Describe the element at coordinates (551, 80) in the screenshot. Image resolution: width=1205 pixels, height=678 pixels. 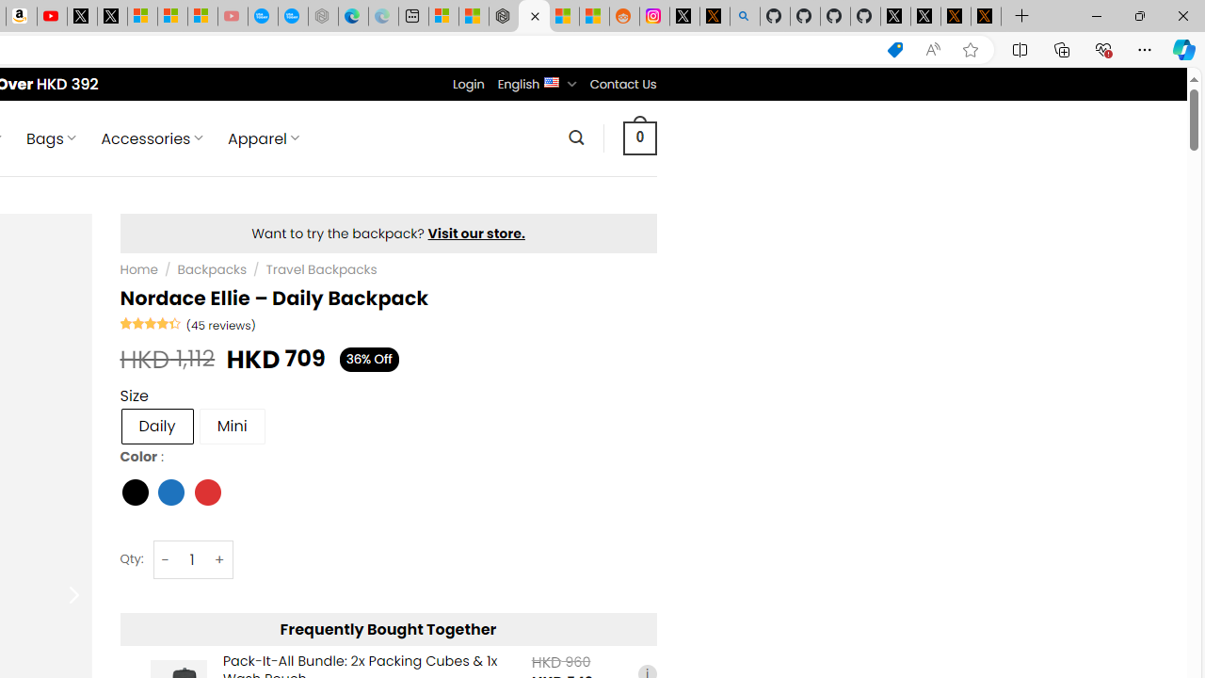
I see `'English'` at that location.